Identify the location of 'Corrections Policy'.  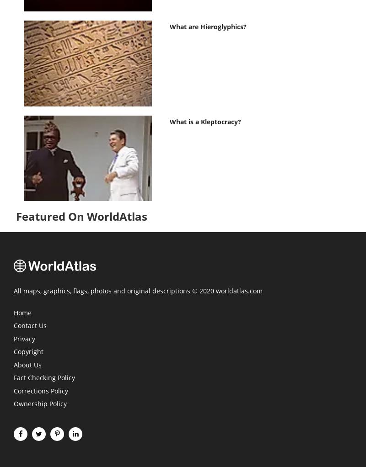
(14, 391).